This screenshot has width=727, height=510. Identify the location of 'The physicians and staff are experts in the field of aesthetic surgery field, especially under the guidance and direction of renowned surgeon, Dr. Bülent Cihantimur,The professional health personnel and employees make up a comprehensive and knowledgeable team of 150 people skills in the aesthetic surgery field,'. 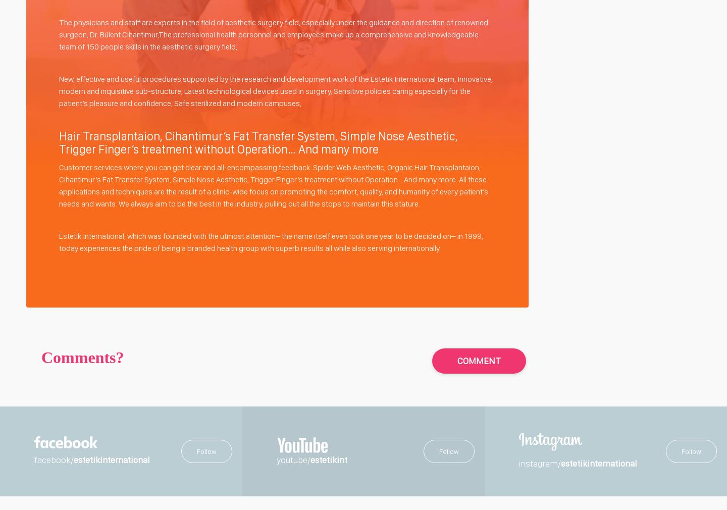
(59, 34).